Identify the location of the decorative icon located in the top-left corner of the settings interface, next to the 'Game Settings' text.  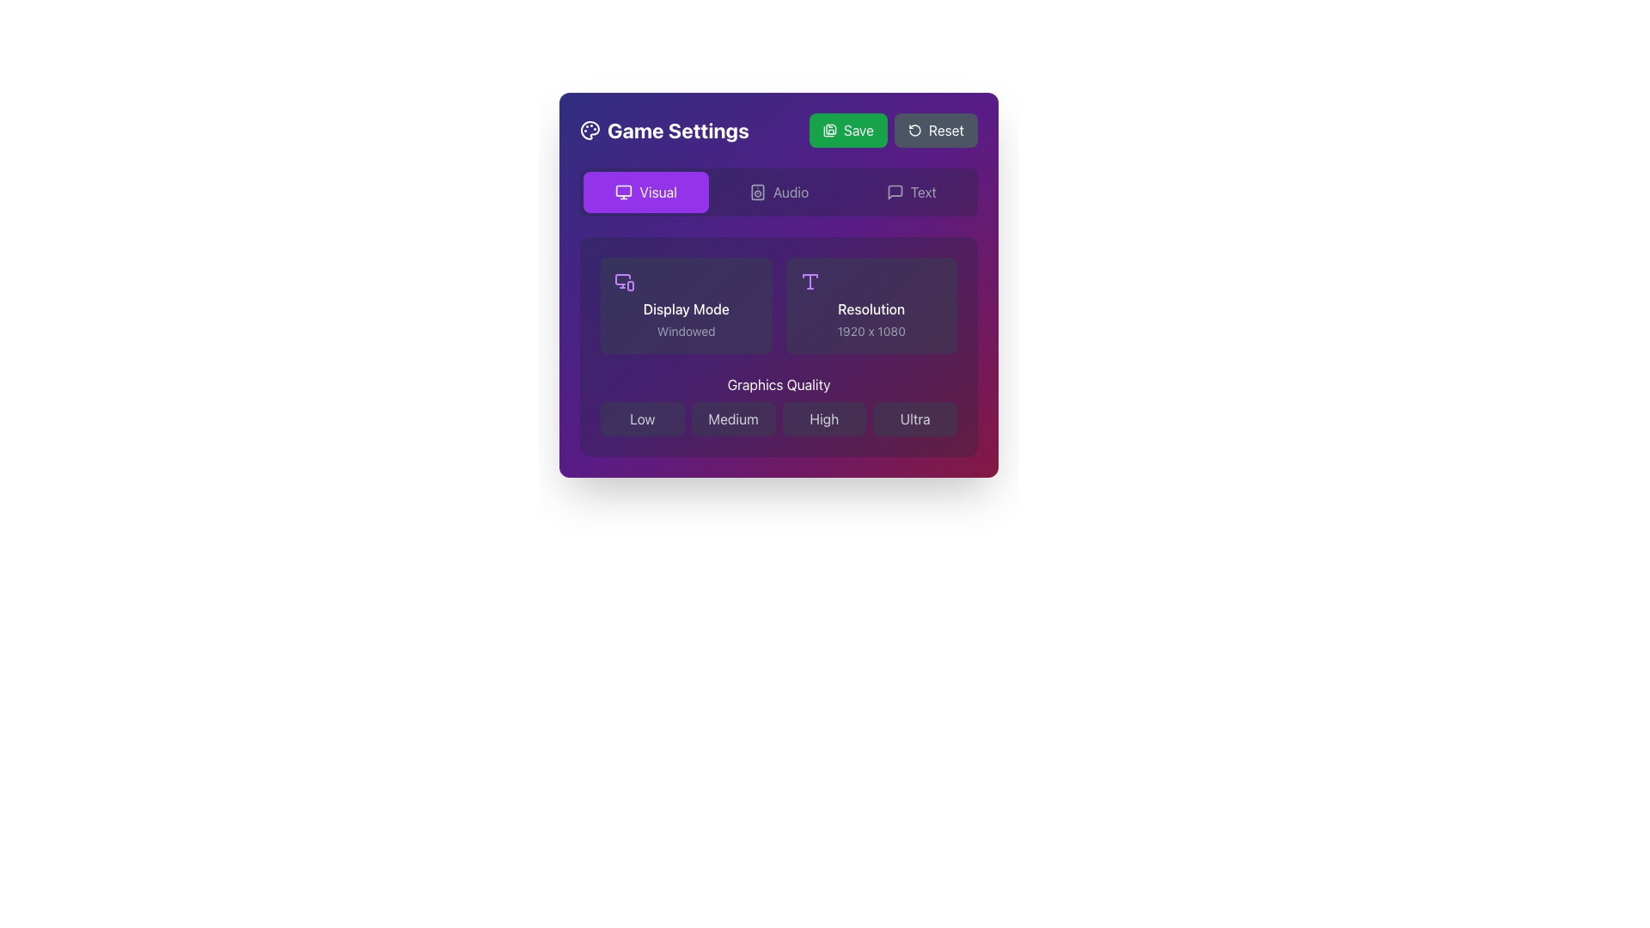
(590, 129).